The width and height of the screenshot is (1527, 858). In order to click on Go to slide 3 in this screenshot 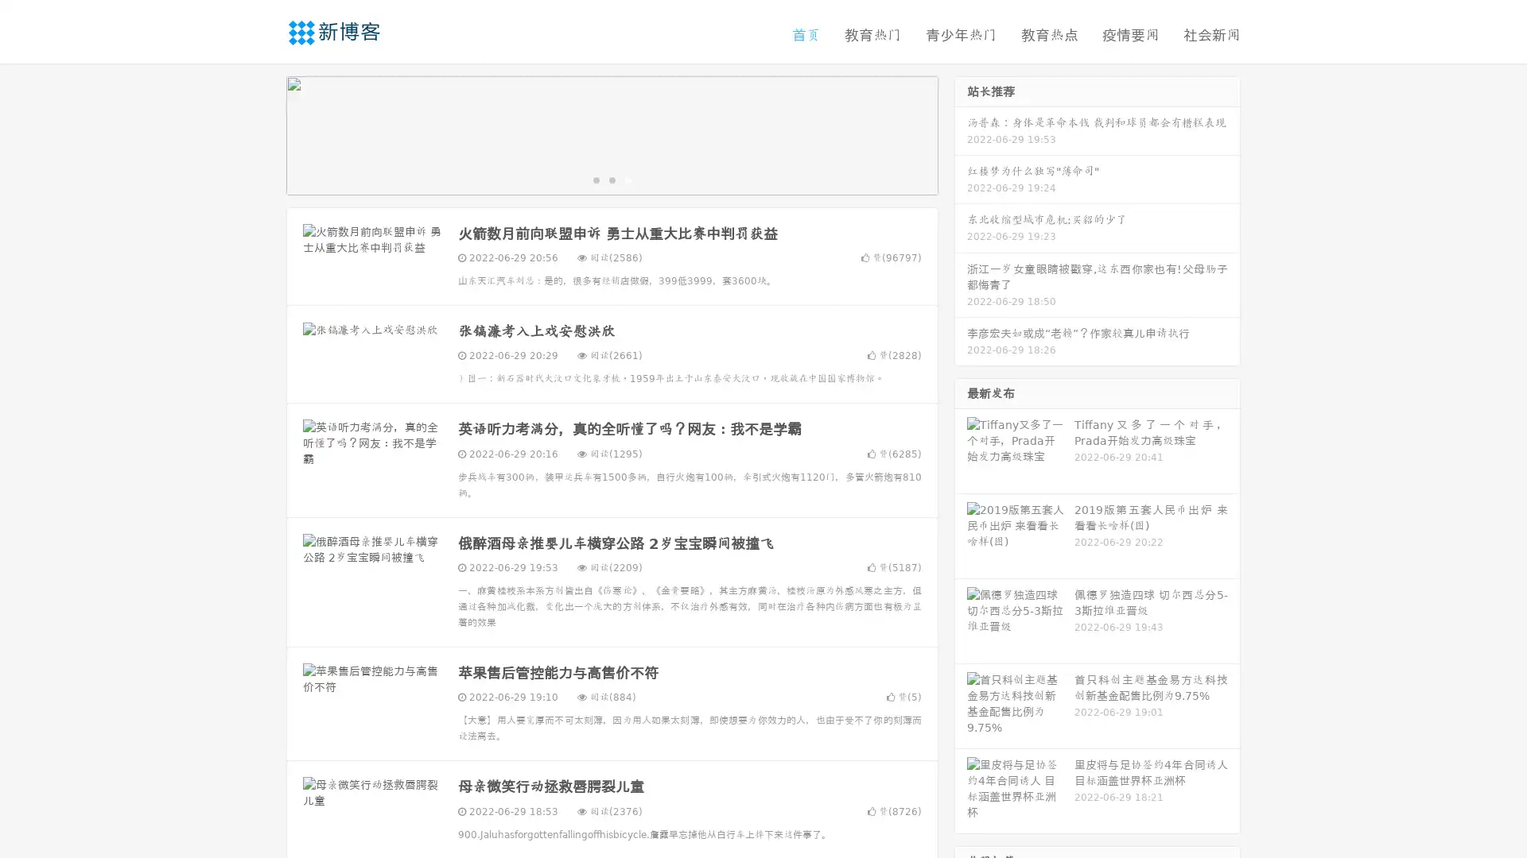, I will do `click(628, 179)`.